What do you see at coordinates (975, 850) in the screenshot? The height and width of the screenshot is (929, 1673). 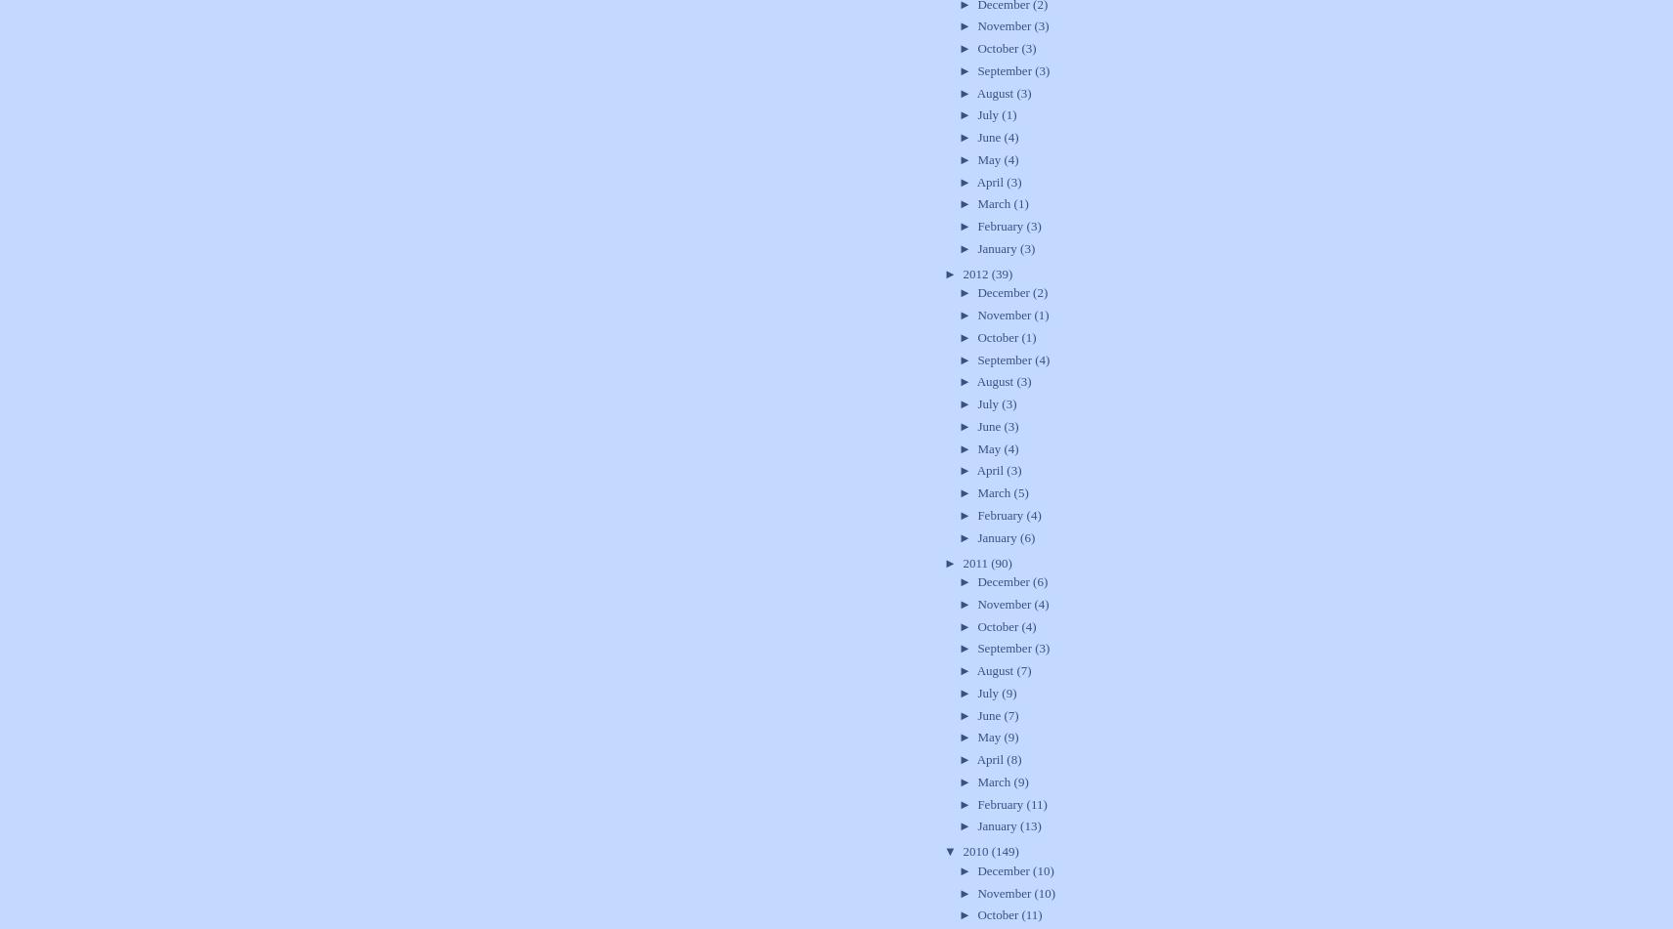 I see `'2010'` at bounding box center [975, 850].